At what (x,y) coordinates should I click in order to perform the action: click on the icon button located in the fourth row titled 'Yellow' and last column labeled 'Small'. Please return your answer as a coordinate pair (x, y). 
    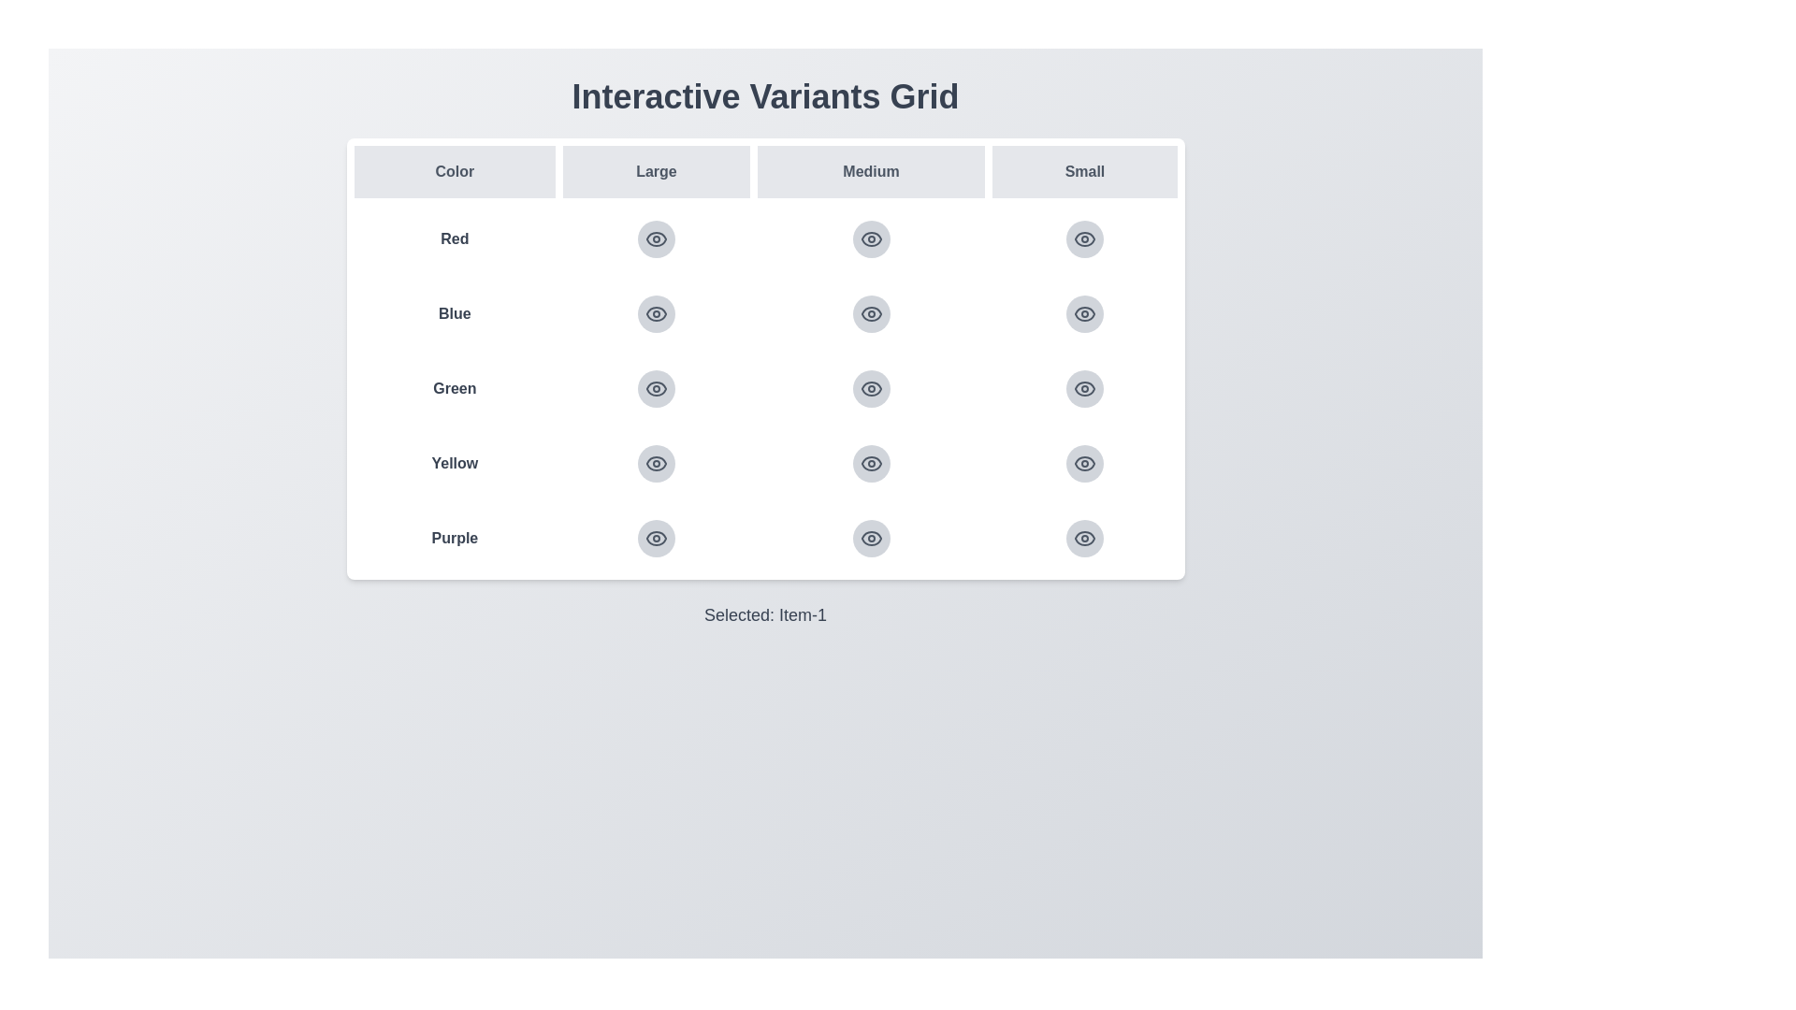
    Looking at the image, I should click on (1083, 463).